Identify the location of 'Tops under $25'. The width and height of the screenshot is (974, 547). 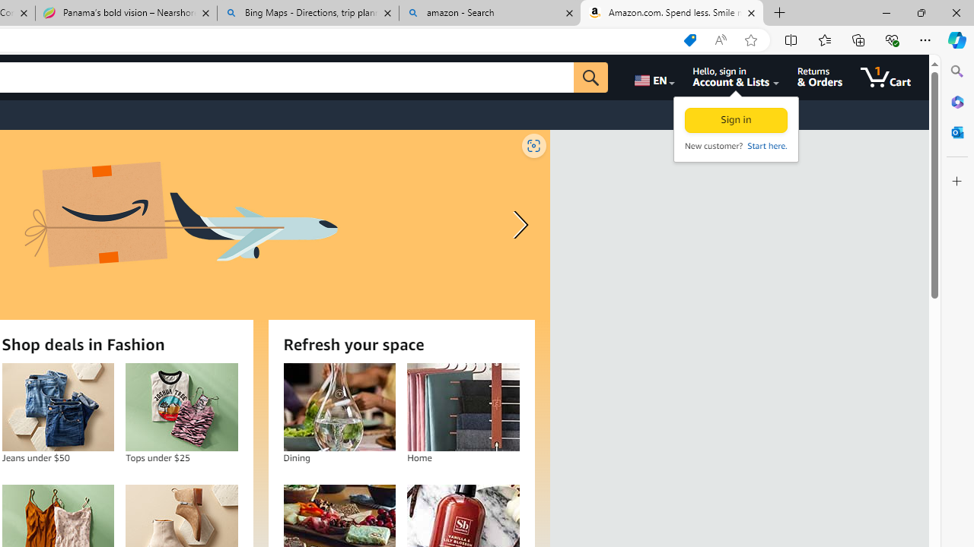
(181, 406).